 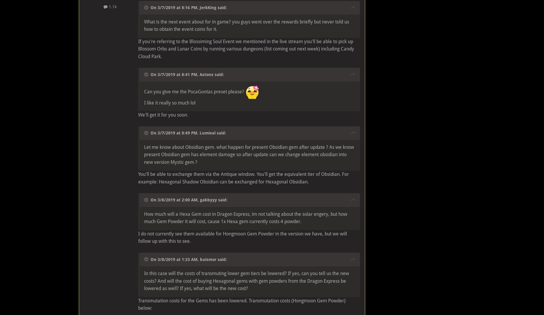 What do you see at coordinates (138, 114) in the screenshot?
I see `'We'll get it for you soon.'` at bounding box center [138, 114].